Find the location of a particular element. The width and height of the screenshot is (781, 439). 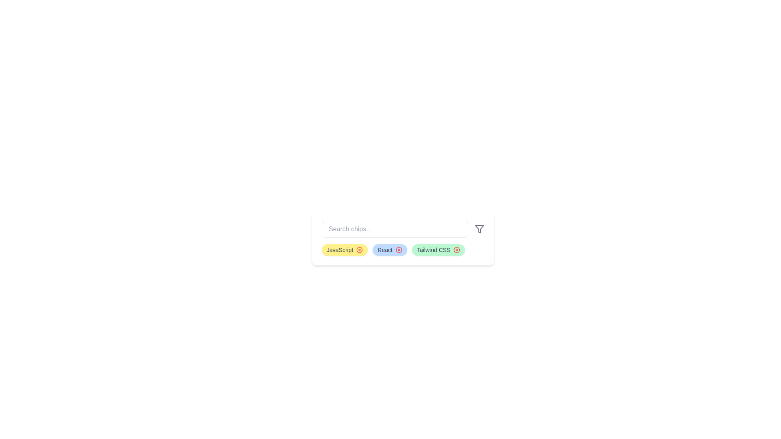

the chip with label Tailwind CSS to visually identify it is located at coordinates (438, 249).